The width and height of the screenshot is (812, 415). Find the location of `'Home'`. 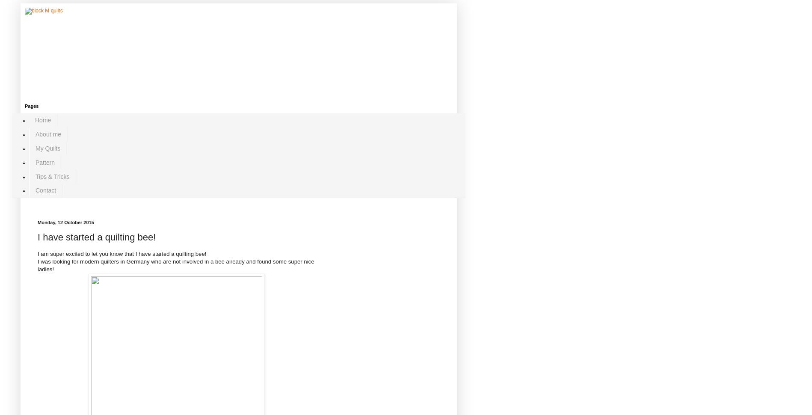

'Home' is located at coordinates (43, 120).